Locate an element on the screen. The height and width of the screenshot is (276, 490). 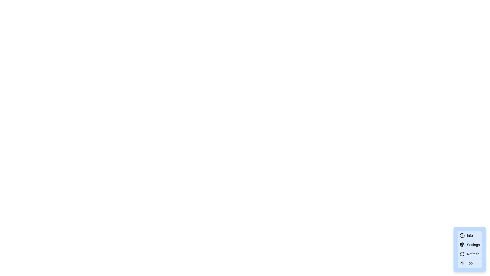
the 'Refresh' button, which is a rectangular button with rounded corners, light blue background, and a refresh icon on the left side of the text label 'Refresh' is located at coordinates (470, 254).